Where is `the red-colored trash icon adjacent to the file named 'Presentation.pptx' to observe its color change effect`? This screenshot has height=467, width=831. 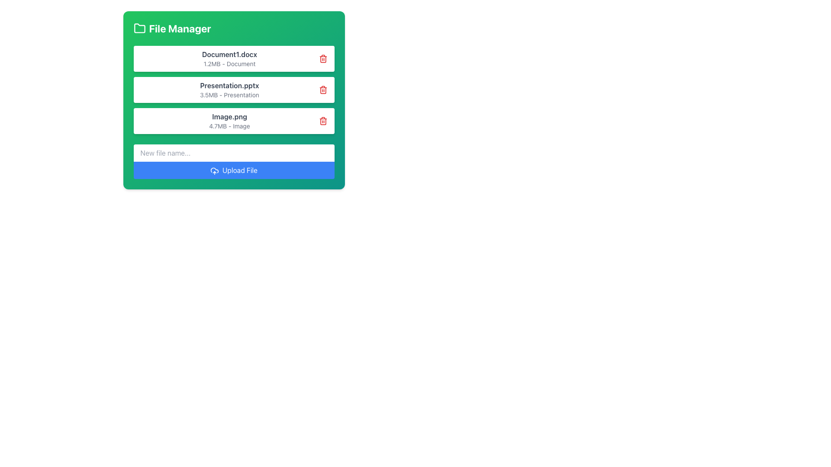 the red-colored trash icon adjacent to the file named 'Presentation.pptx' to observe its color change effect is located at coordinates (322, 90).